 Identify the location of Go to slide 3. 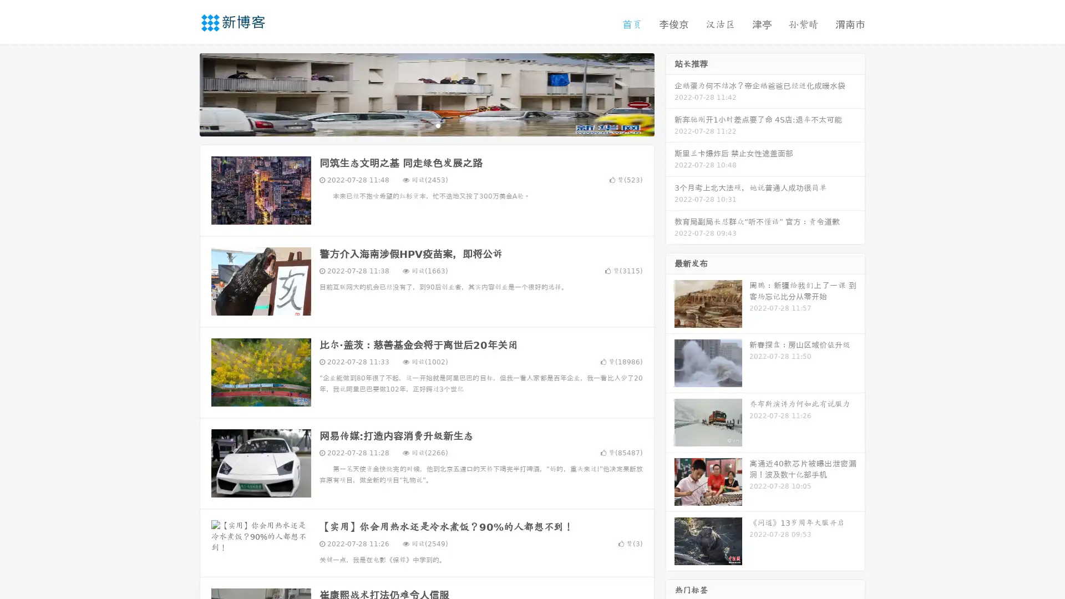
(438, 125).